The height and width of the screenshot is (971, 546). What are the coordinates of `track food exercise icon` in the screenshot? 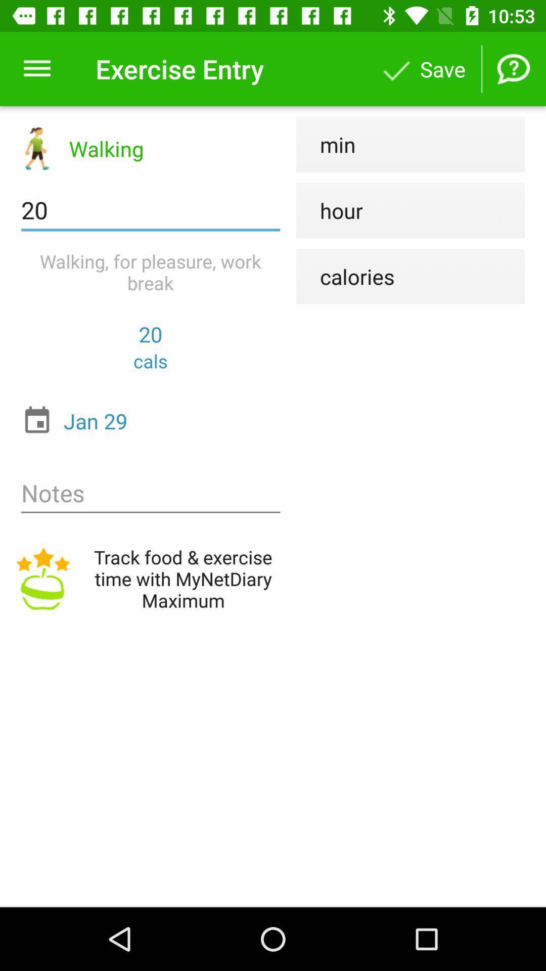 It's located at (151, 579).